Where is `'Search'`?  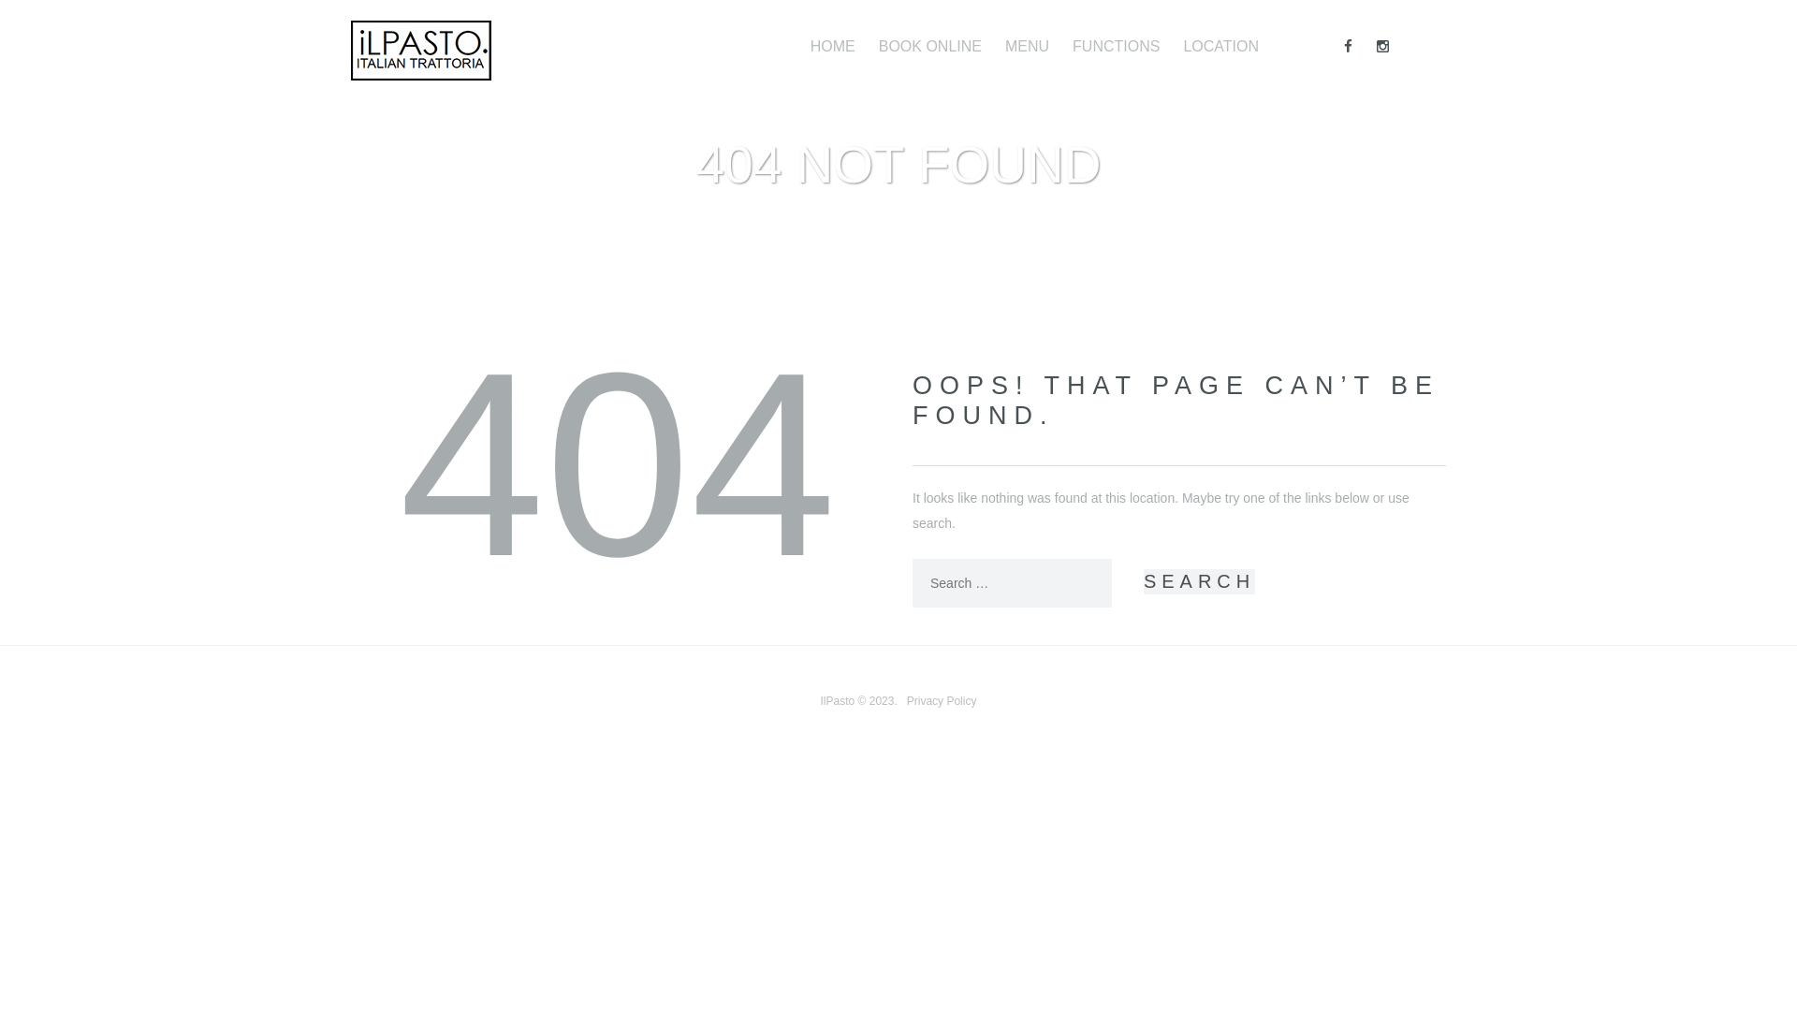
'Search' is located at coordinates (1199, 580).